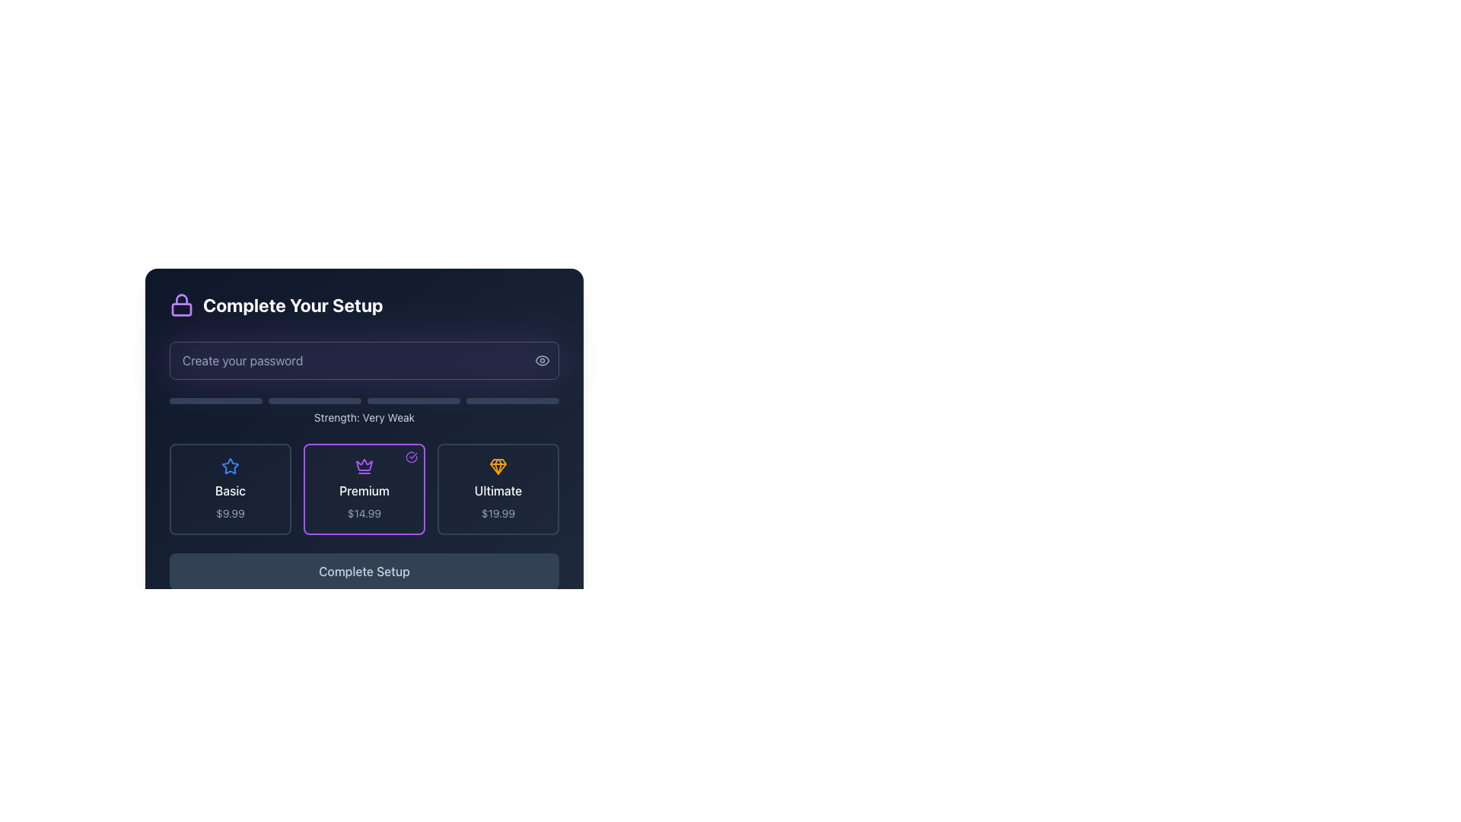 The image size is (1461, 822). Describe the element at coordinates (498, 466) in the screenshot. I see `the gem-shaped decorative icon outlined in orange, located at the rightmost position of the 'Ultimate' subscription option card, above the '$19.99' text` at that location.